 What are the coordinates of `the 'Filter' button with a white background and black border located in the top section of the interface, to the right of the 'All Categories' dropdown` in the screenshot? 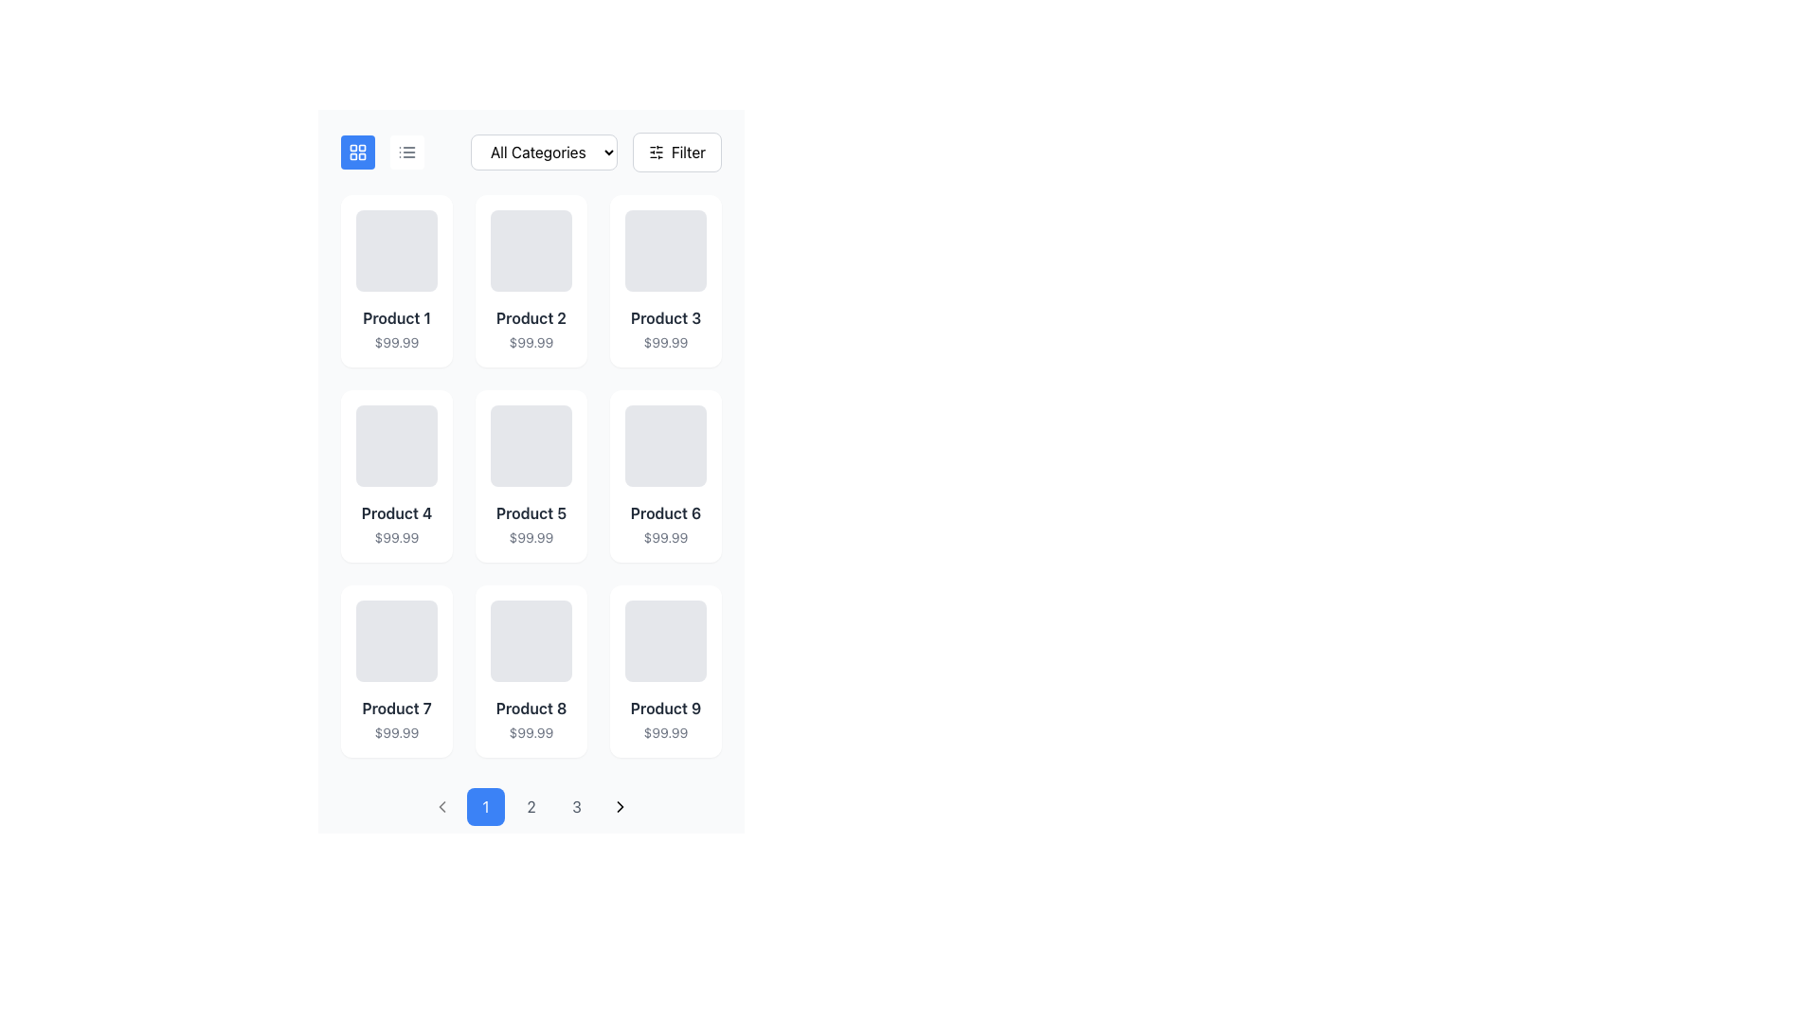 It's located at (676, 152).